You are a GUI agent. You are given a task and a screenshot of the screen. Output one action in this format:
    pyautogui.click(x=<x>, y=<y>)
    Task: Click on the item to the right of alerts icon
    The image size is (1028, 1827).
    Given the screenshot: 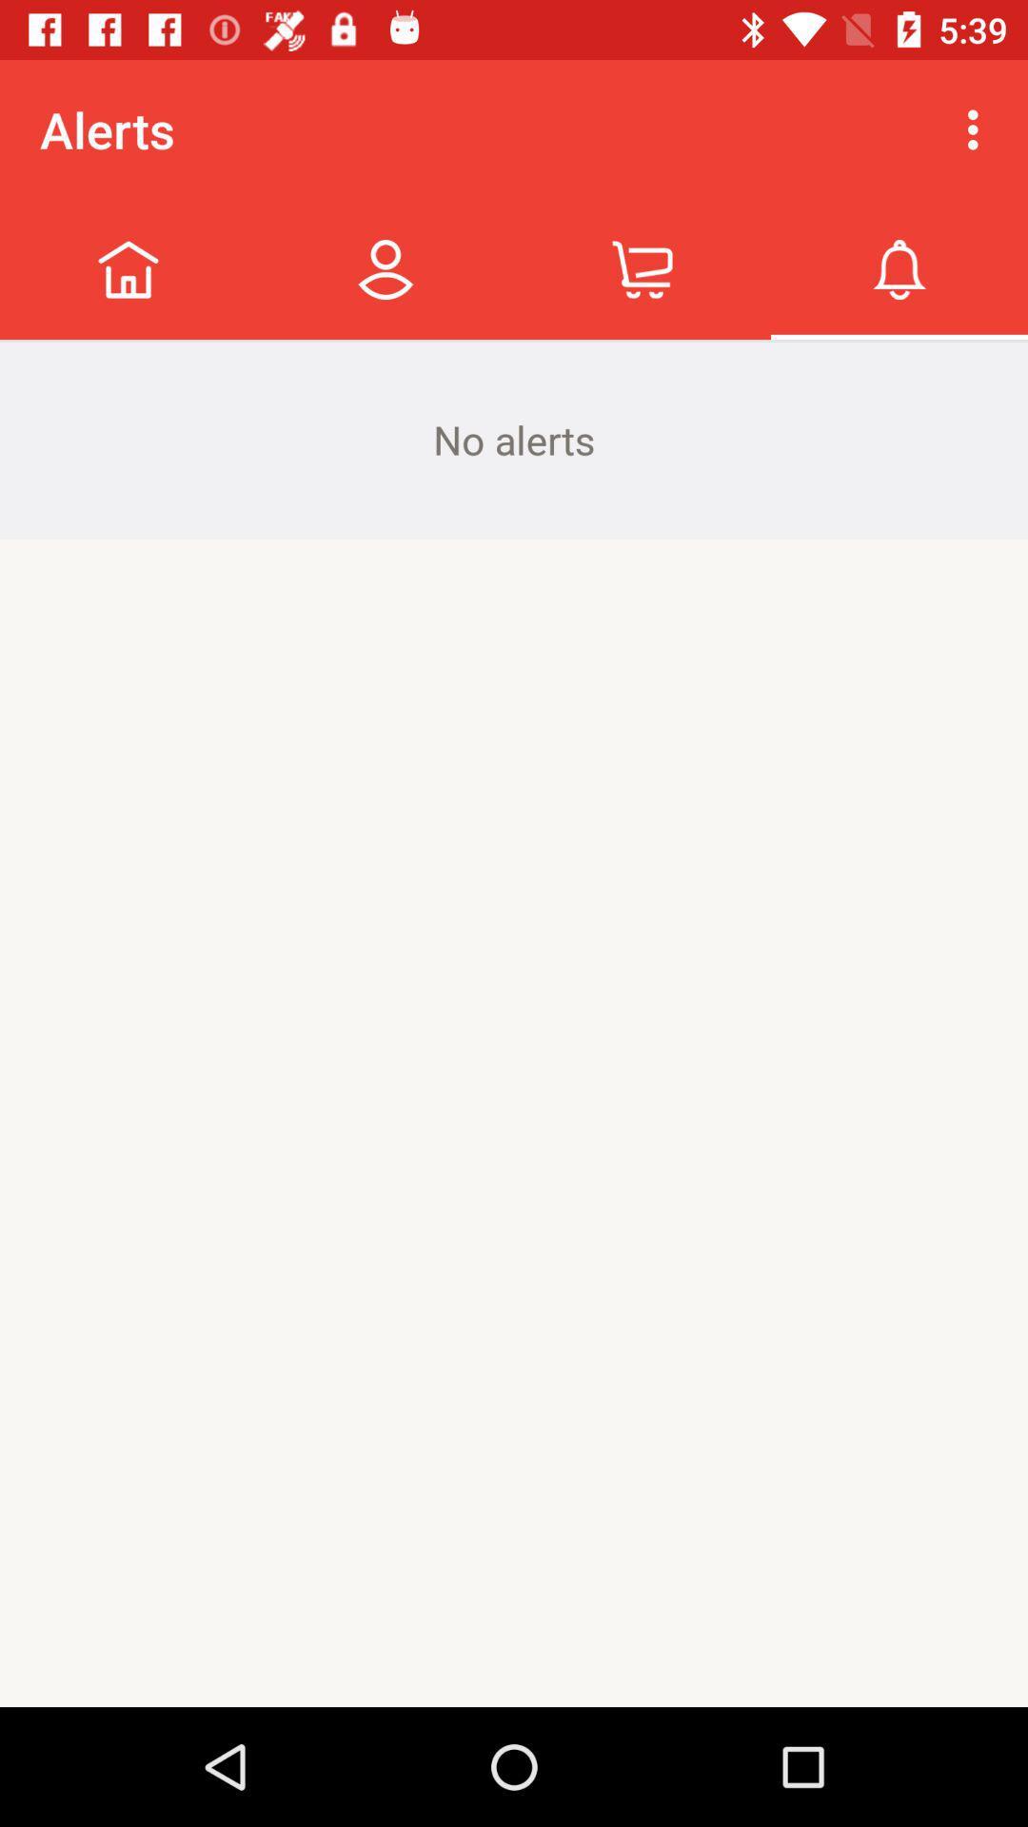 What is the action you would take?
    pyautogui.click(x=978, y=128)
    